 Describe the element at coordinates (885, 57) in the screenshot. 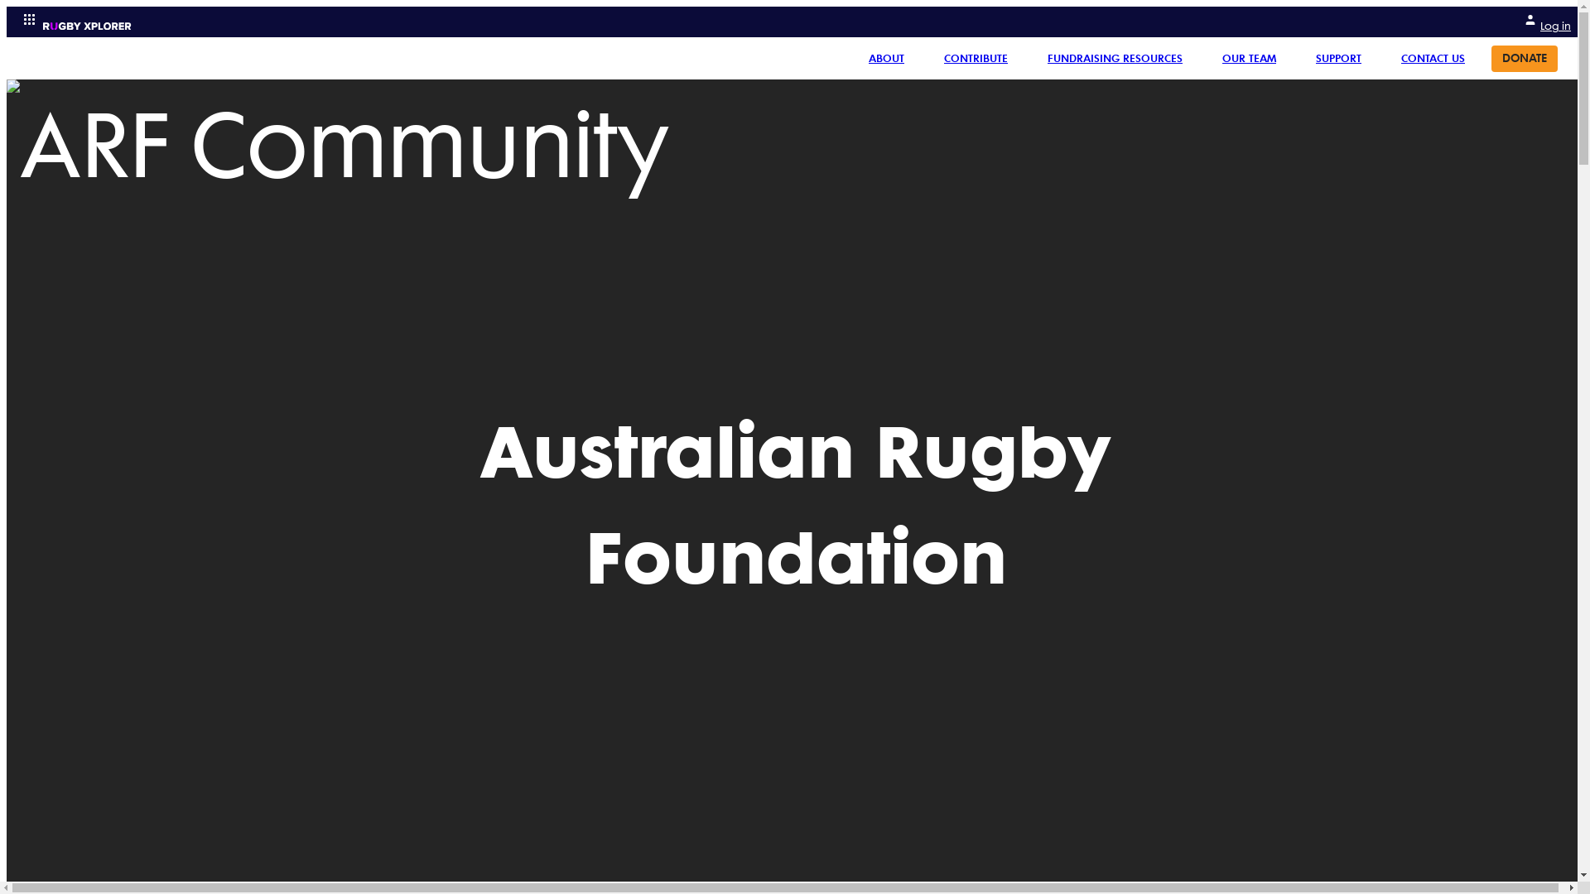

I see `'ABOUT'` at that location.